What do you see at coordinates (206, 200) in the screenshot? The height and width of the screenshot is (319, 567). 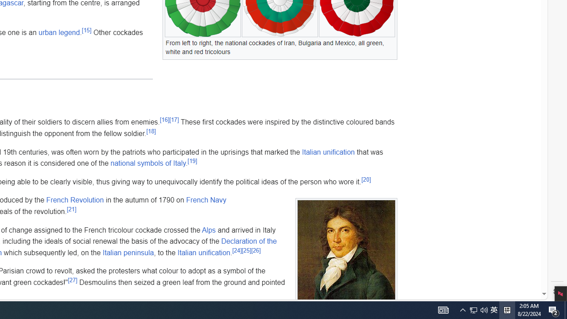 I see `'French Navy'` at bounding box center [206, 200].